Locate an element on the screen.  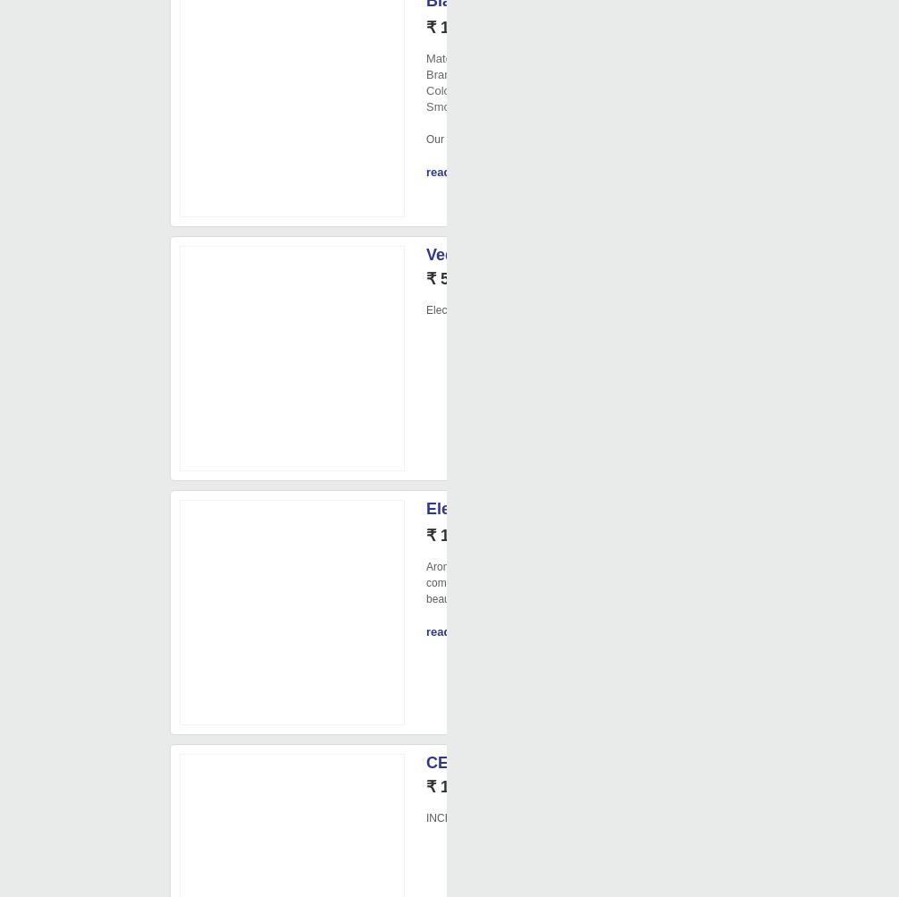
':  Megam' is located at coordinates (479, 74).